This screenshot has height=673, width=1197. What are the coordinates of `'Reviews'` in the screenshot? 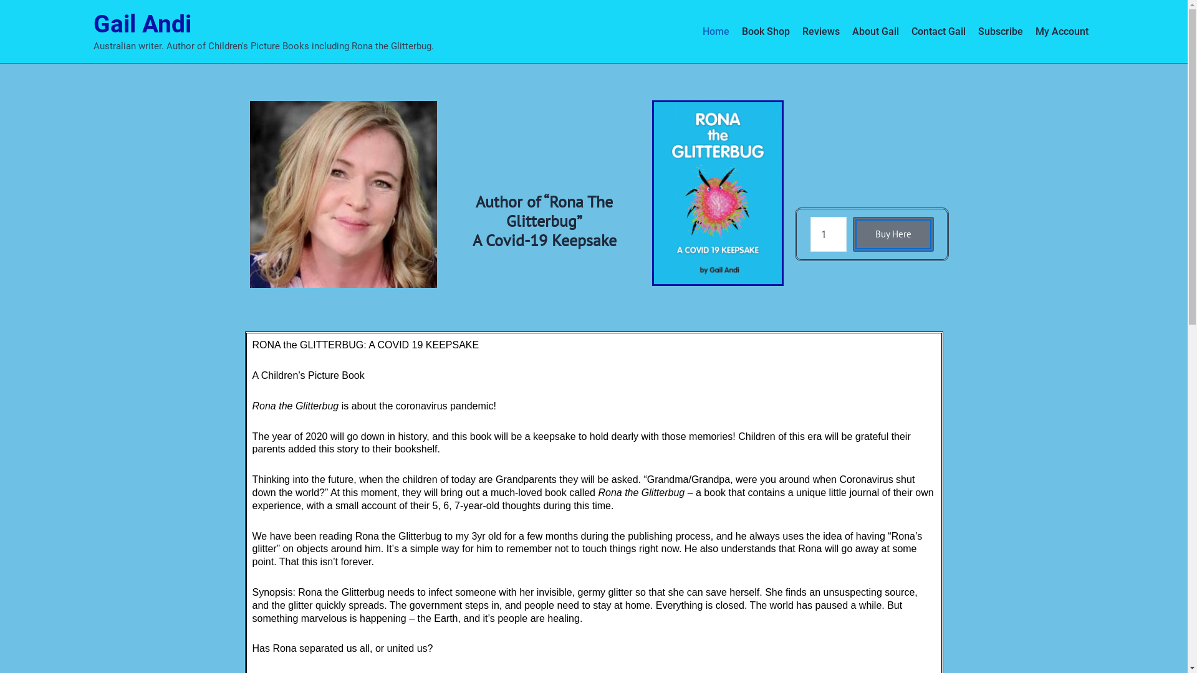 It's located at (795, 31).